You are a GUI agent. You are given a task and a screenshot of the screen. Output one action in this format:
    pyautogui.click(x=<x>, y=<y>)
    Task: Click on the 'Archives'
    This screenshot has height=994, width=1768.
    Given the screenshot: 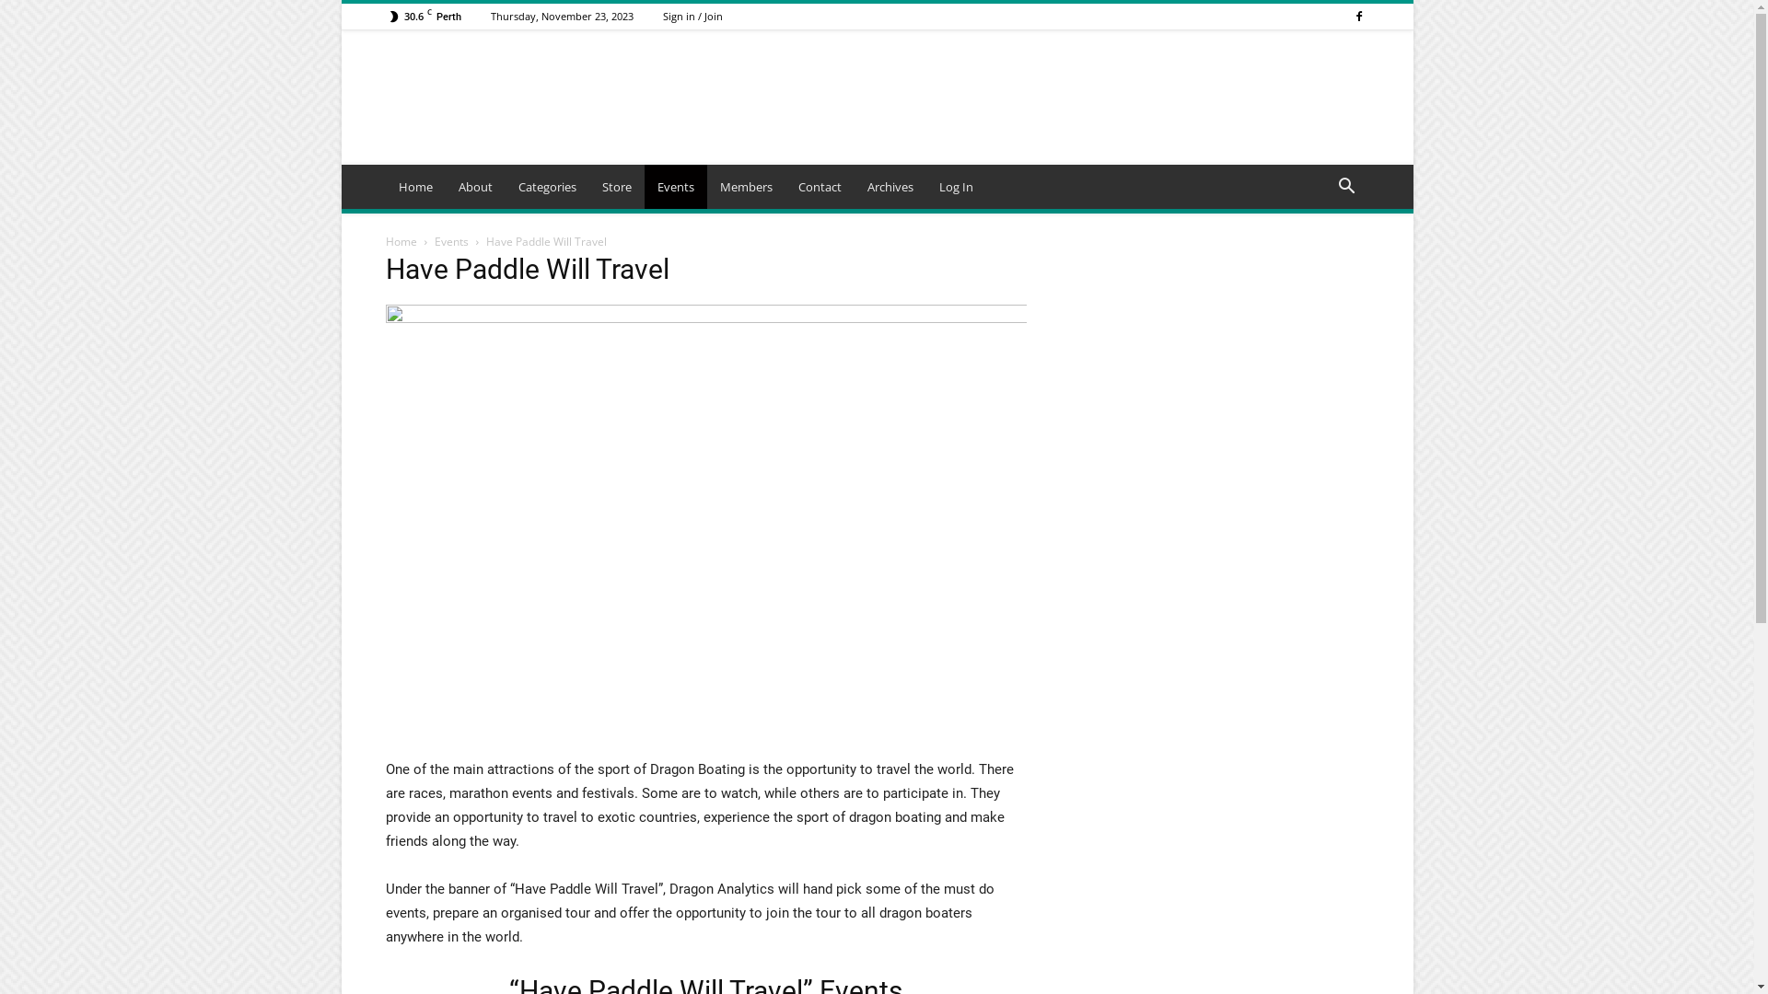 What is the action you would take?
    pyautogui.click(x=890, y=187)
    